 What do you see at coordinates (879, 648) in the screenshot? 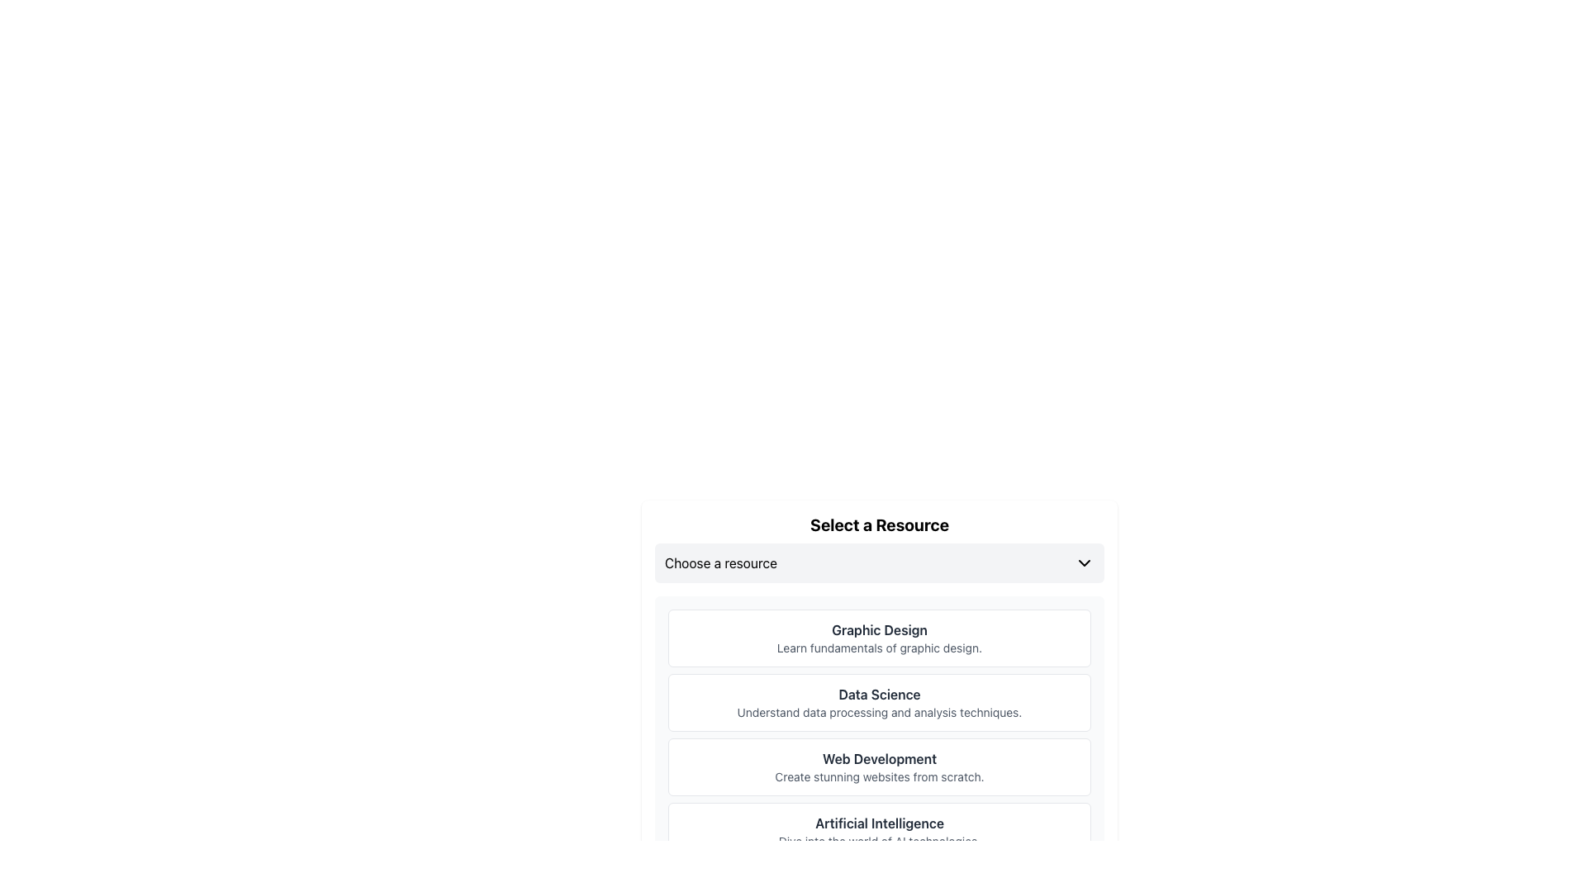
I see `the descriptive text label providing additional information about the 'Graphic Design' resource, located beneath the 'Graphic Design' header` at bounding box center [879, 648].